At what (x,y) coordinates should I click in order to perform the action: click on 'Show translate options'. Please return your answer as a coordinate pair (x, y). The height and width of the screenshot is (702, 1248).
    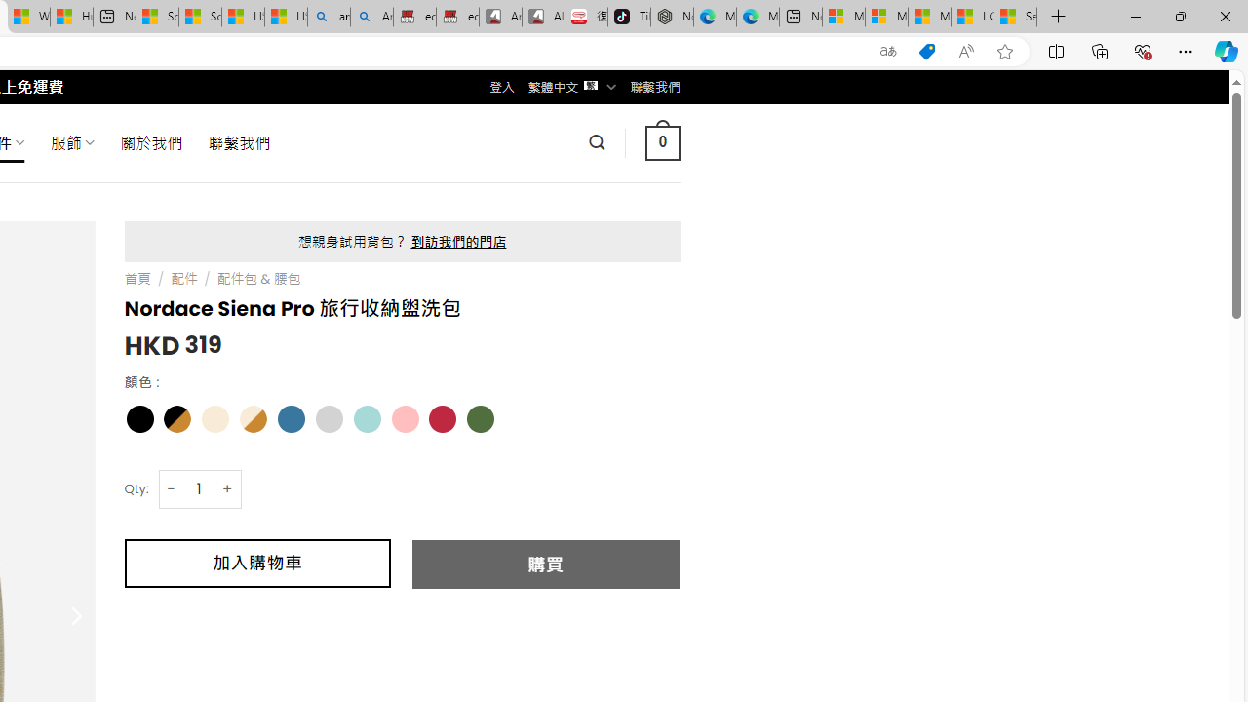
    Looking at the image, I should click on (886, 51).